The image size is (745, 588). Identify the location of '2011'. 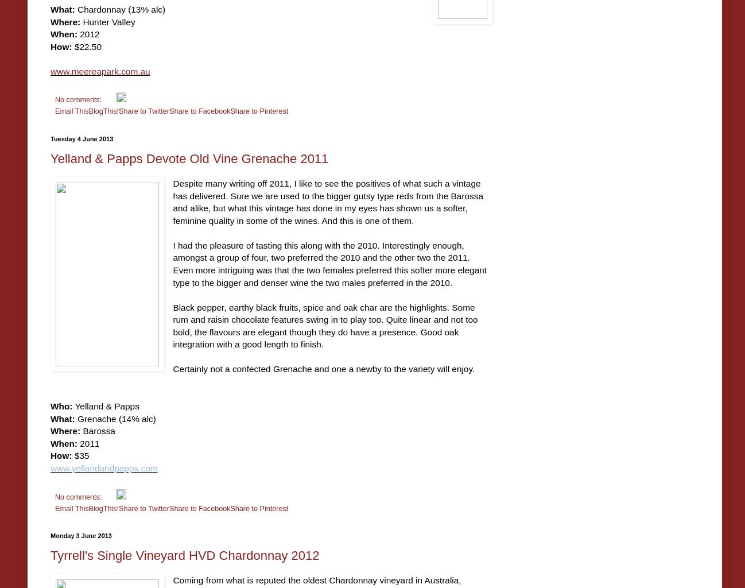
(87, 443).